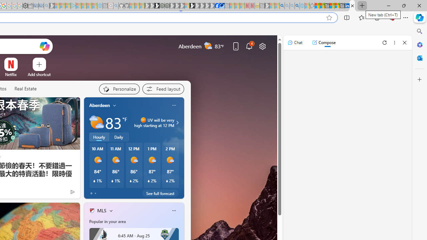 This screenshot has height=240, width=427. What do you see at coordinates (111, 210) in the screenshot?
I see `'More interests'` at bounding box center [111, 210].